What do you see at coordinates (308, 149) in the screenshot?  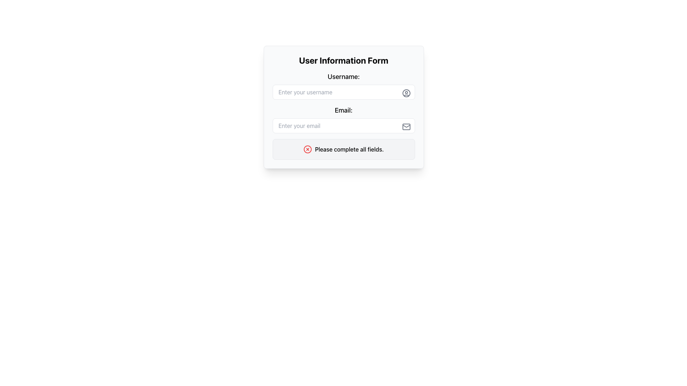 I see `the error icon located to the left of the text 'Please complete all fields.' in the lower section of the form beneath the 'Email:' field` at bounding box center [308, 149].